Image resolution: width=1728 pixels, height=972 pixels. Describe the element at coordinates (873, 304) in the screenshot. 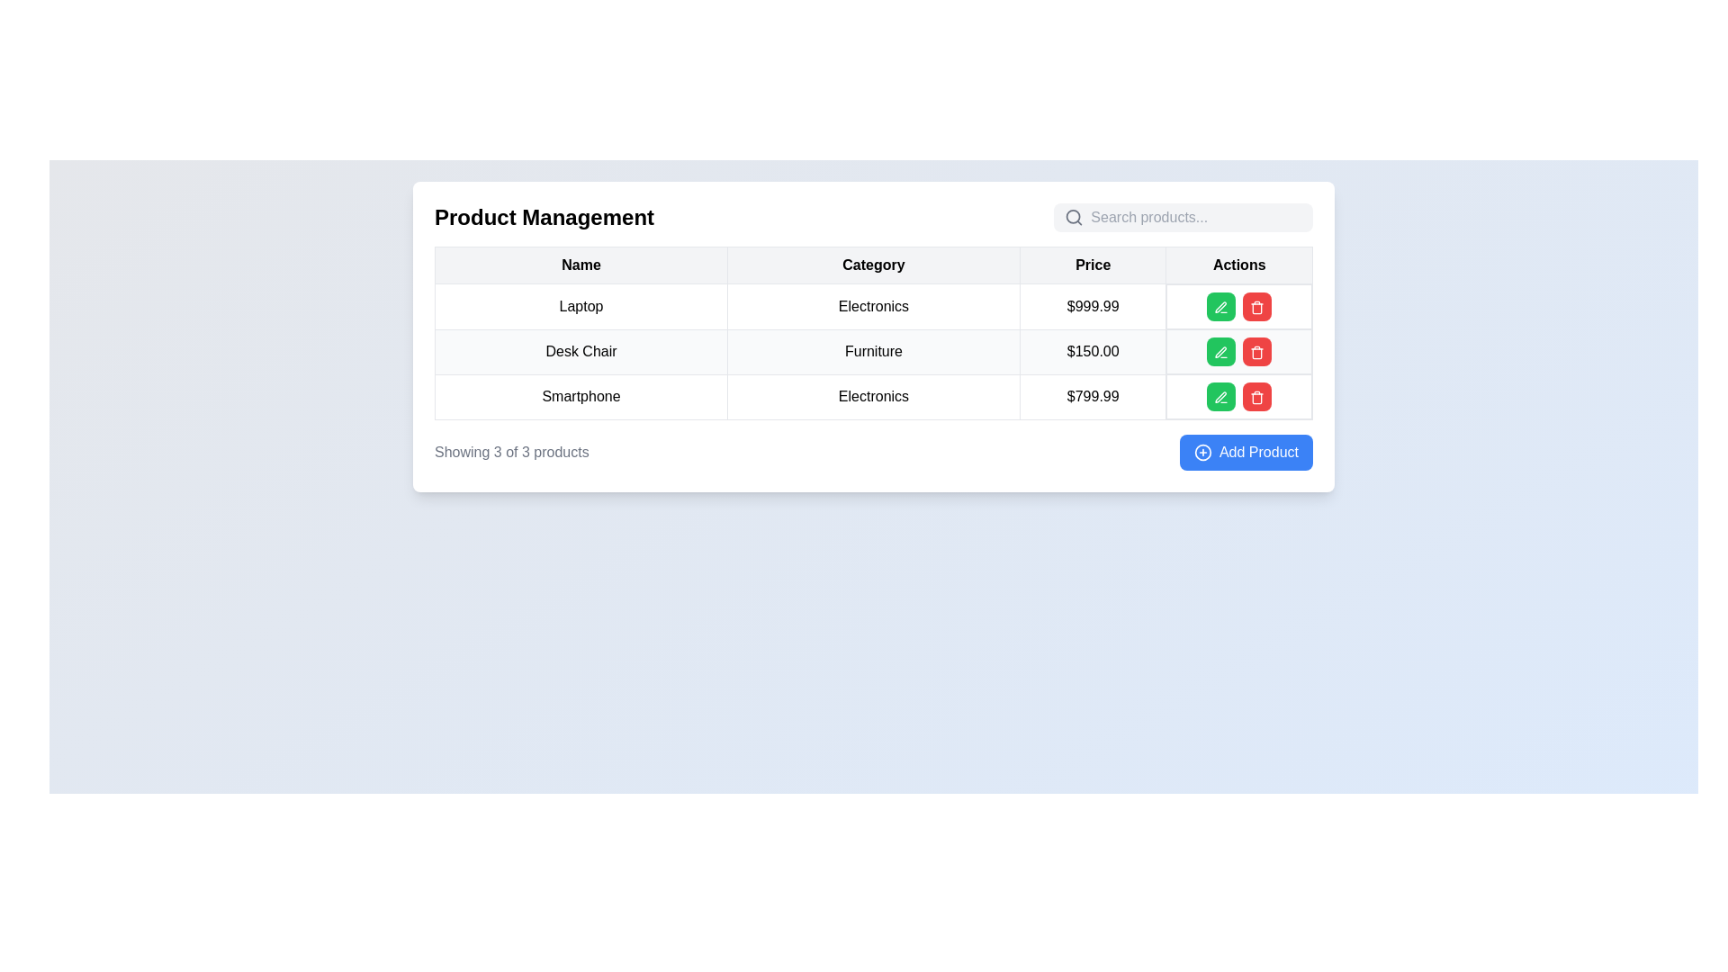

I see `the first row of the product management table that contains 'Laptop' under the 'Name' column, 'Electronics' under 'Category', and '$999.99' under 'Price'` at that location.